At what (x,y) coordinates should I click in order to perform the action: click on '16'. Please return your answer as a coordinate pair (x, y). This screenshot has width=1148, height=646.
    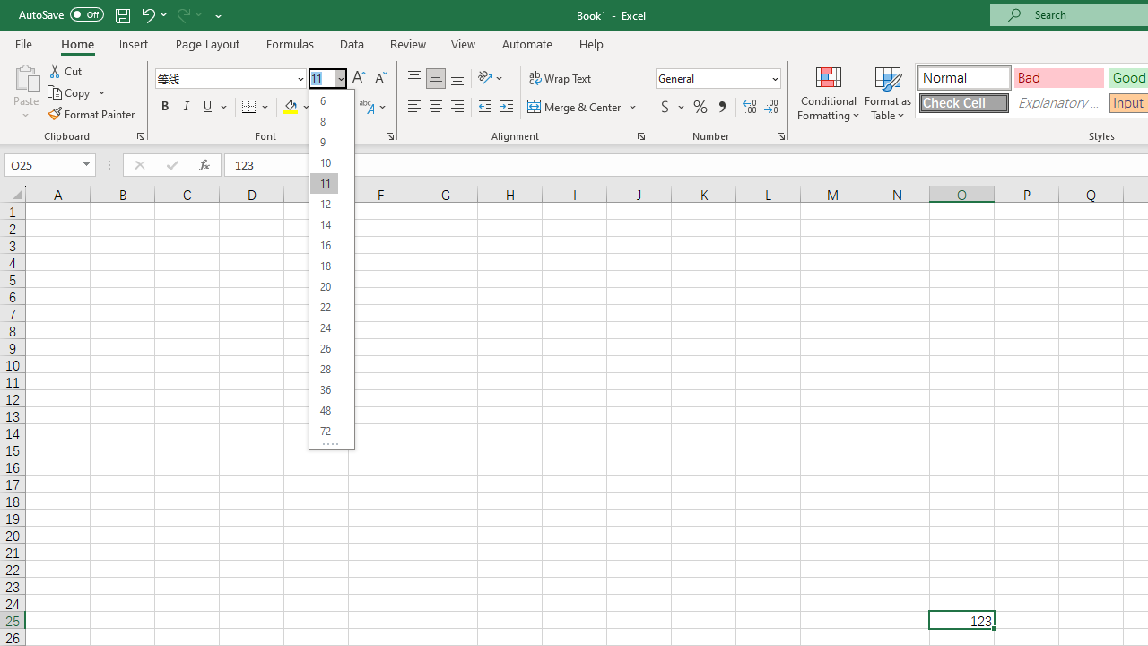
    Looking at the image, I should click on (324, 245).